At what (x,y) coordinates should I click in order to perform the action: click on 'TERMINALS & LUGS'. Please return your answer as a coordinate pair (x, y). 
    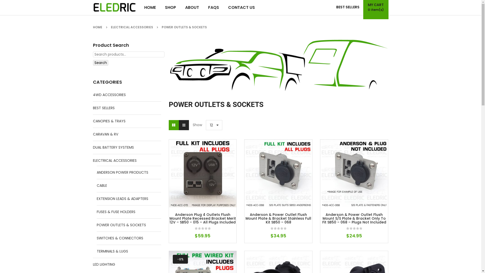
    Looking at the image, I should click on (112, 251).